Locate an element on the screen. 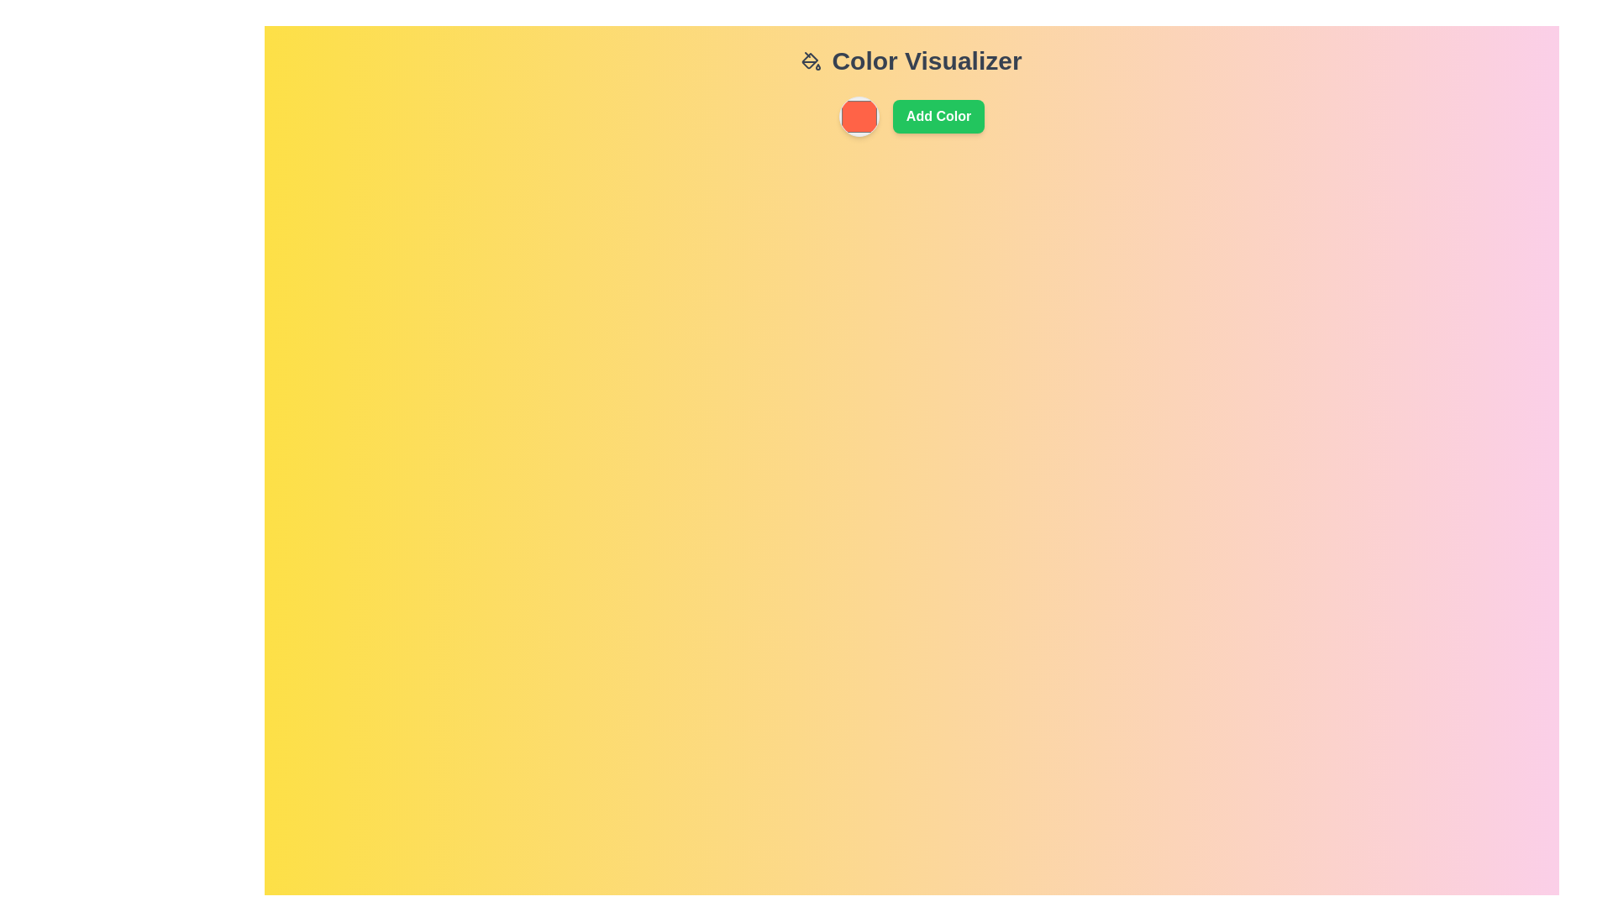 This screenshot has width=1613, height=907. the color customization icon located to the left of the 'Color Visualizer' text in the header area is located at coordinates (812, 60).